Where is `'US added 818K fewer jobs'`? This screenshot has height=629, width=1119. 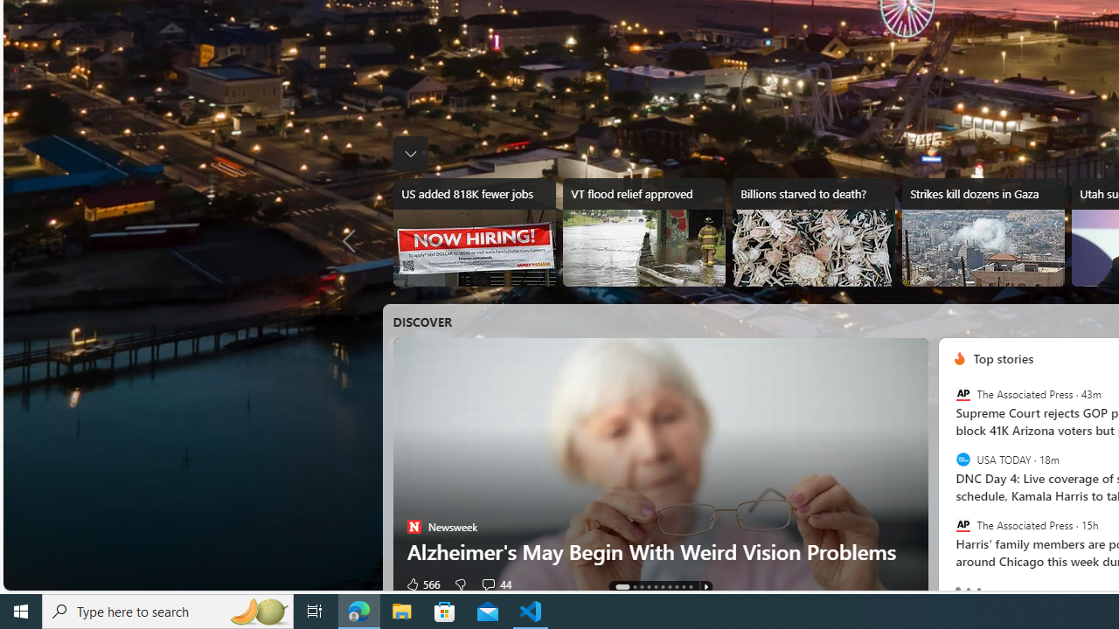 'US added 818K fewer jobs' is located at coordinates (474, 232).